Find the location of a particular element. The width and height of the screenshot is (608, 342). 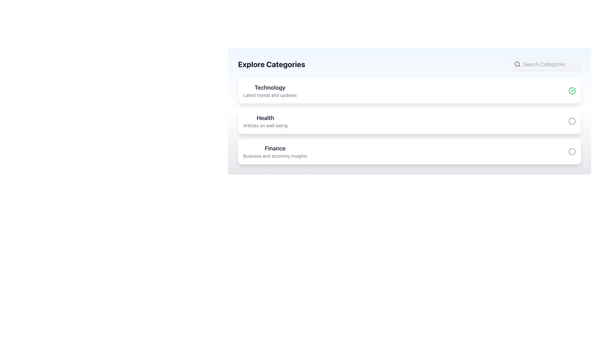

the search icon located in the top-right corner of the interface, which serves as a visual indicator for search functionality is located at coordinates (517, 64).